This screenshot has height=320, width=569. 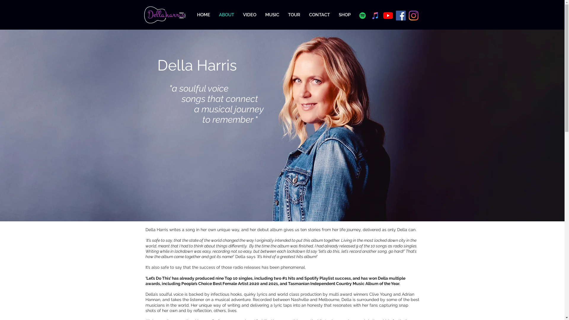 What do you see at coordinates (203, 15) in the screenshot?
I see `'HOME'` at bounding box center [203, 15].